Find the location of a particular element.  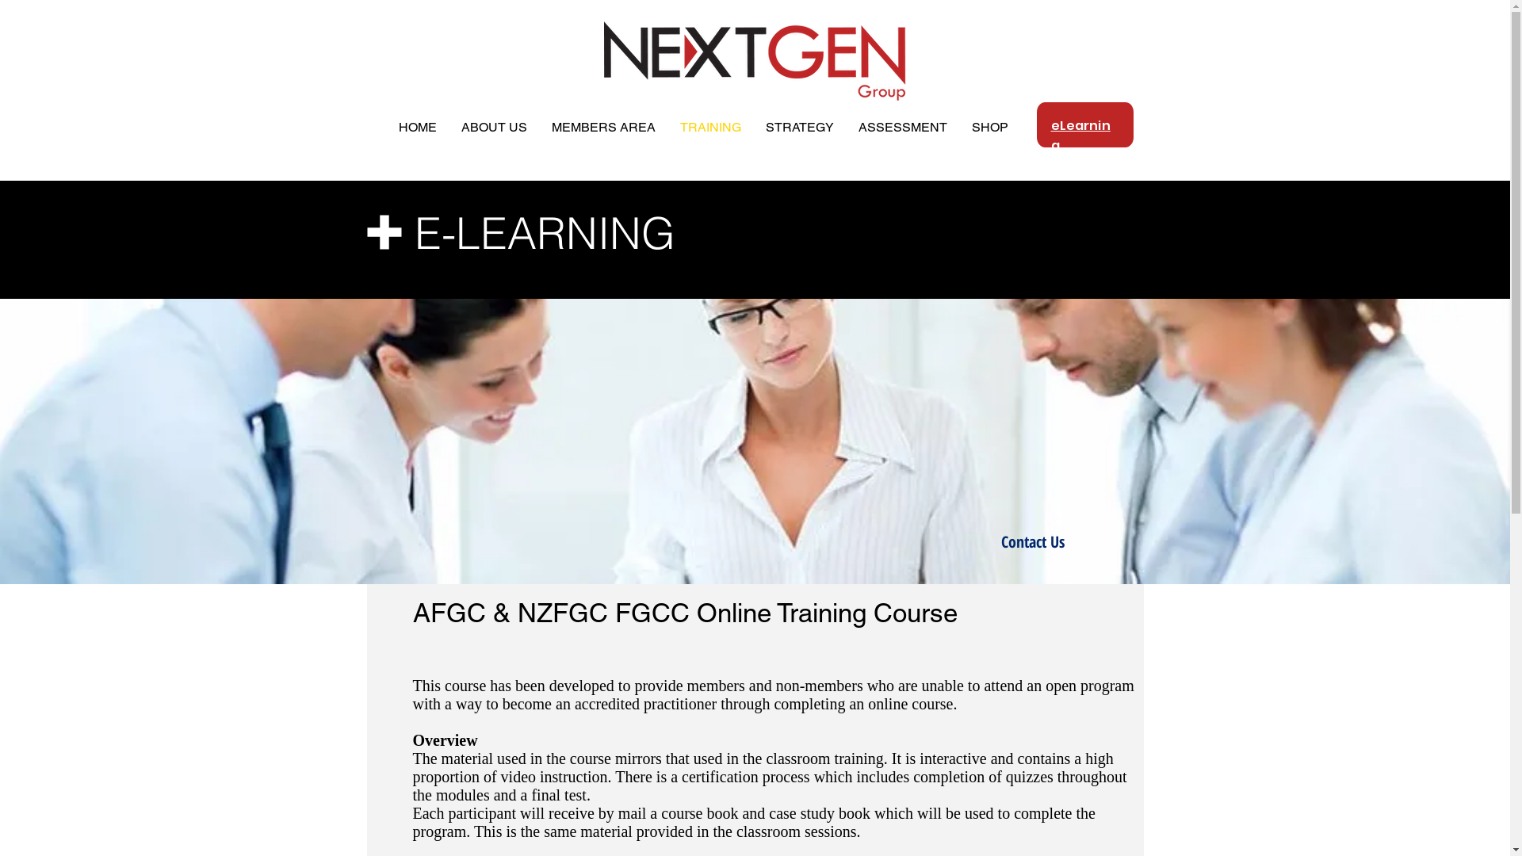

'MEMBERS AREA' is located at coordinates (602, 127).